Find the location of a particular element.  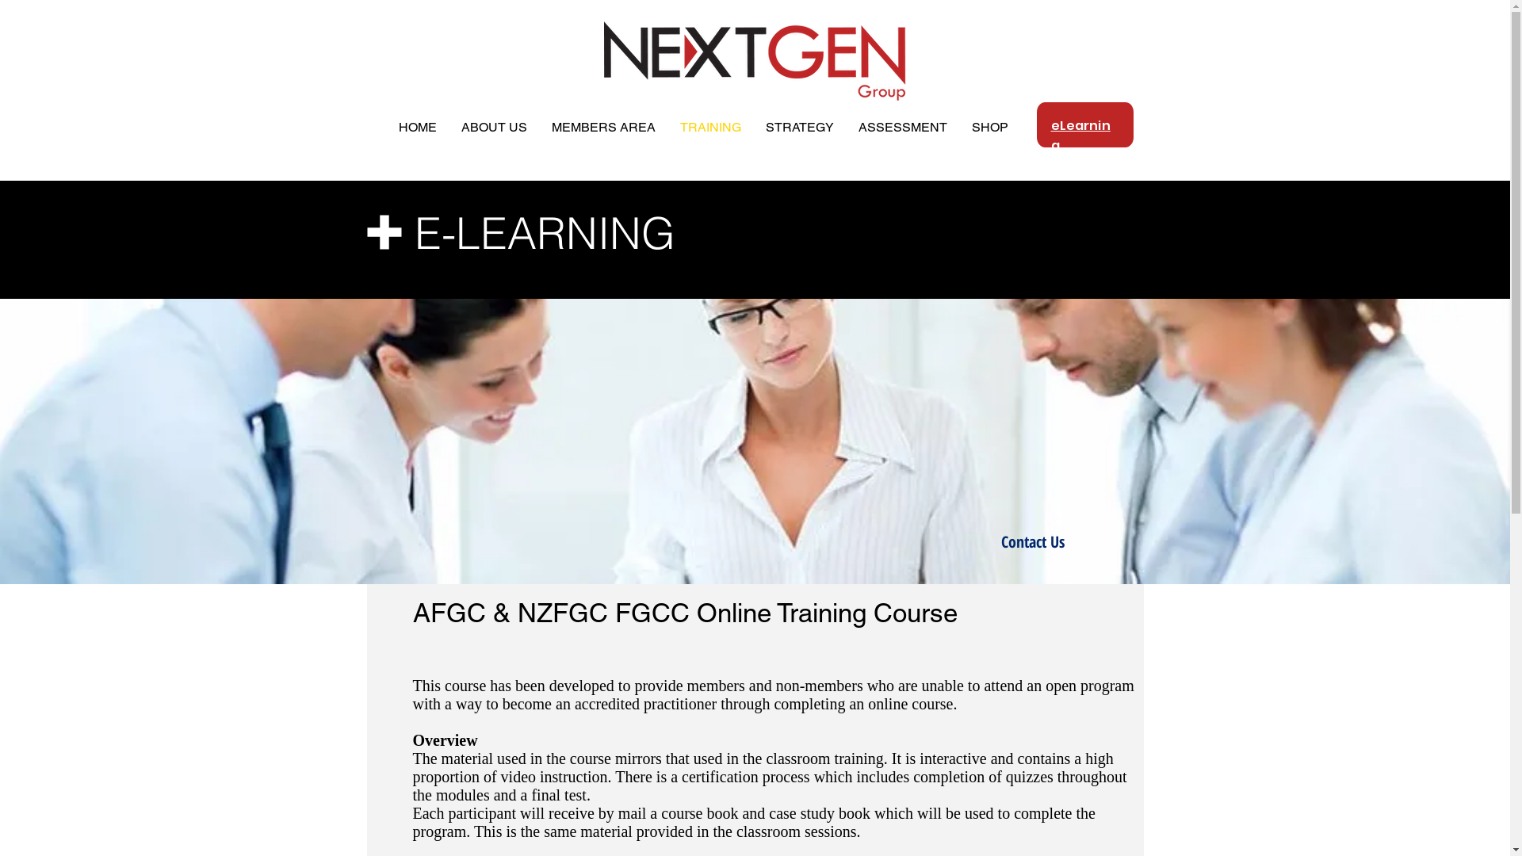

'MEMBERS AREA' is located at coordinates (602, 127).